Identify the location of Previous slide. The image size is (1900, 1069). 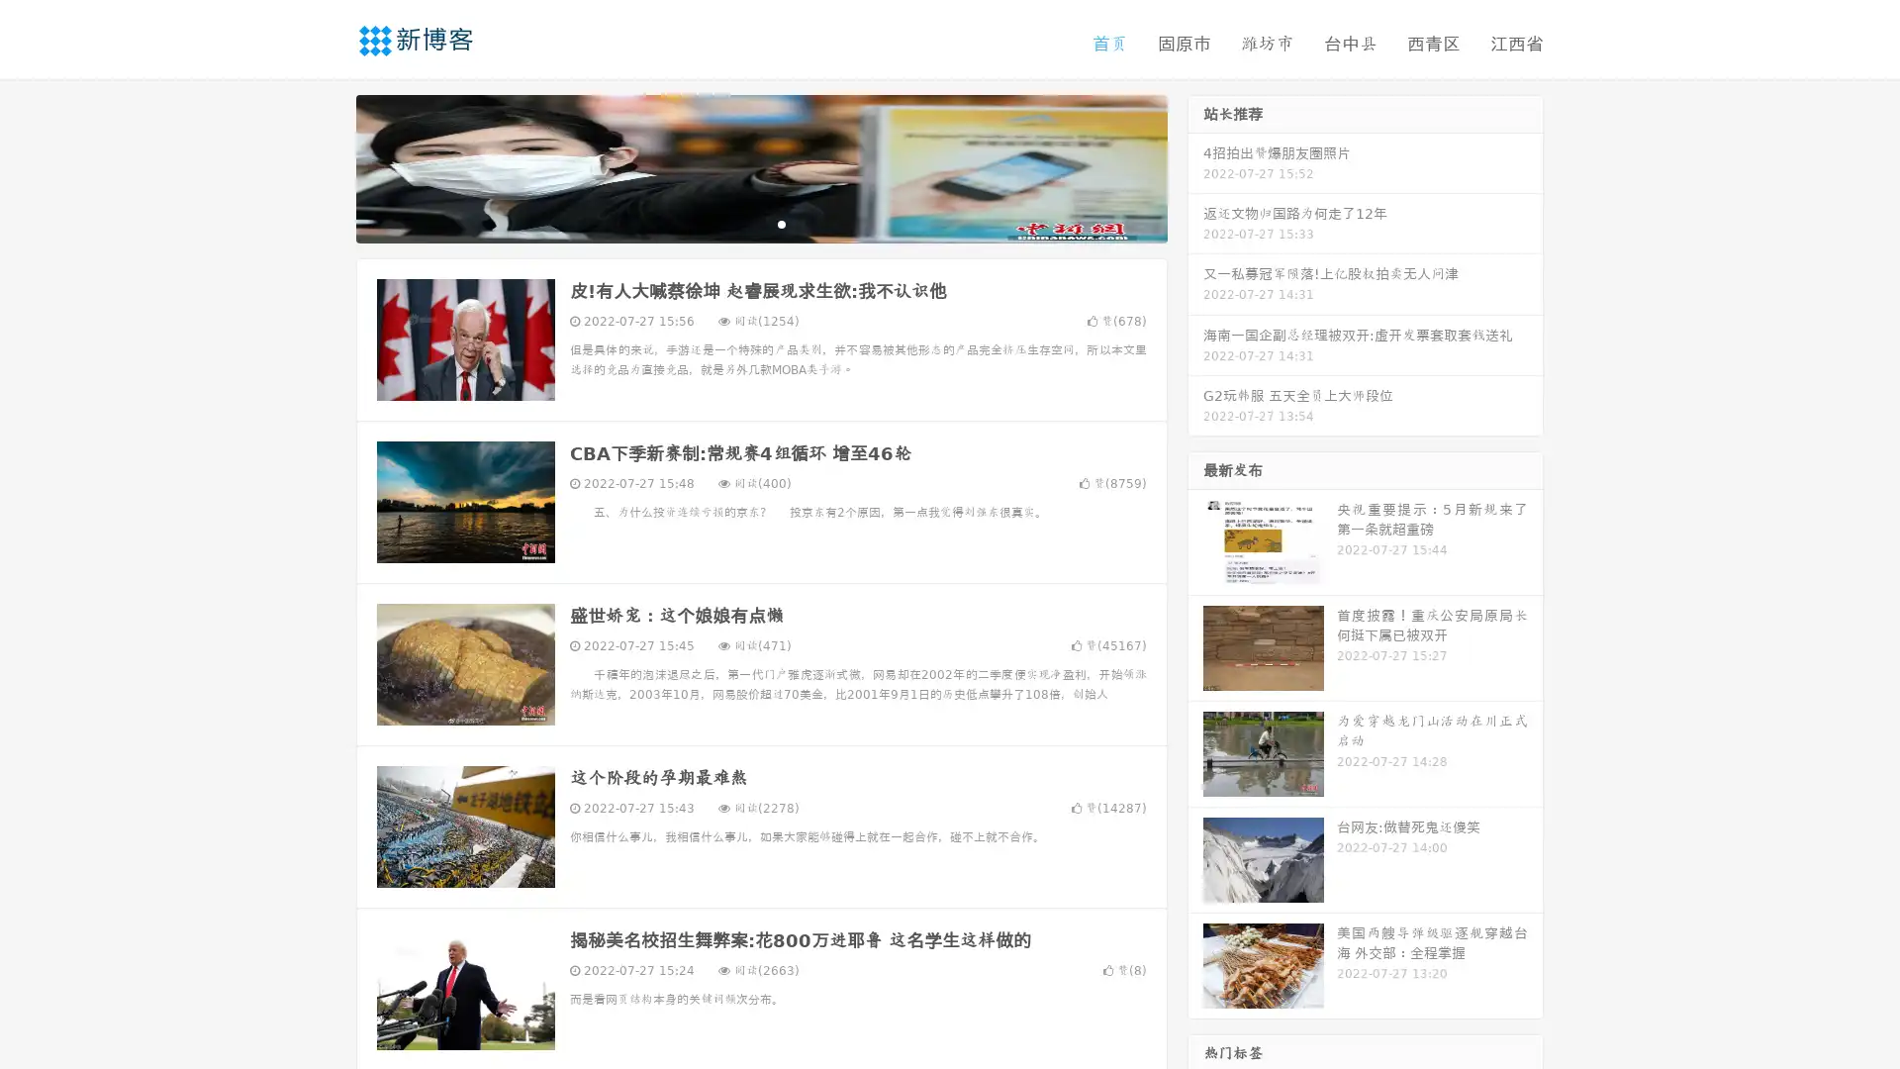
(327, 166).